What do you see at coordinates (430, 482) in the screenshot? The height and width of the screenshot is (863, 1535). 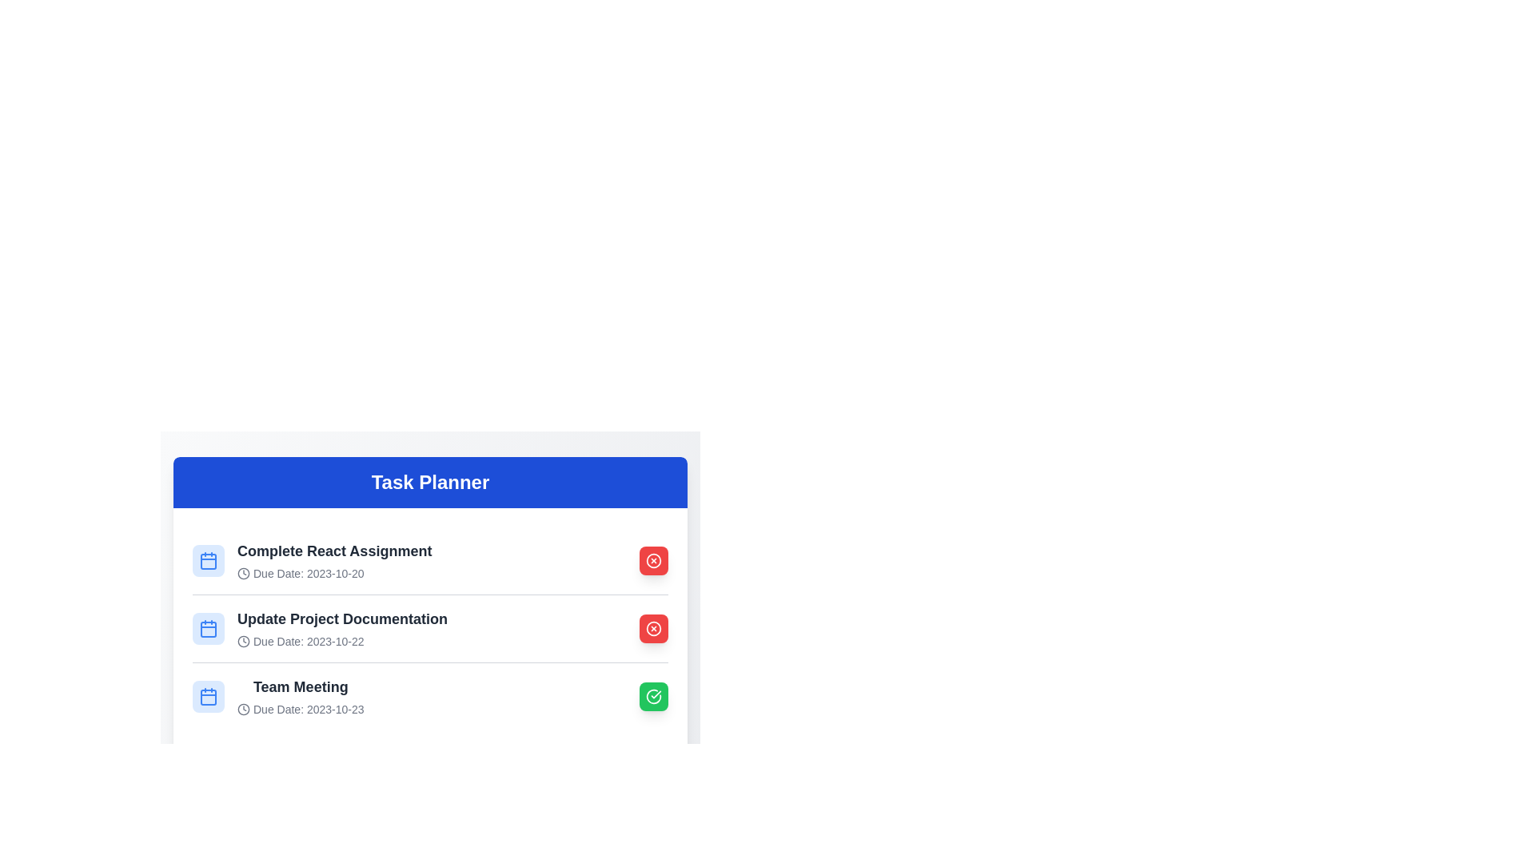 I see `text content of the title label located in the blue header bar at the top of the task management interface` at bounding box center [430, 482].